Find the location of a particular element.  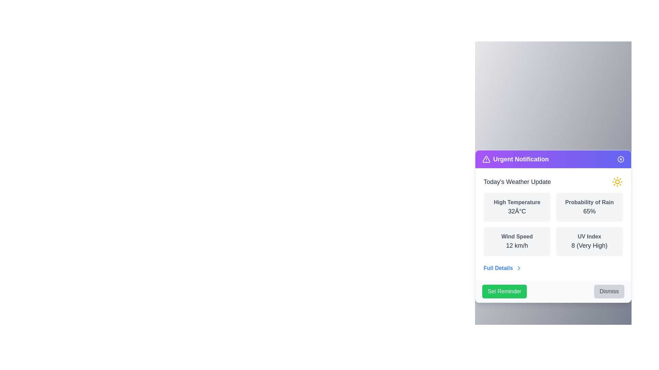

the 'Set Reminder' button, which is a rectangular button with a green background and white text, located at the bottom of the notification panel to the left of the 'Dismiss' button is located at coordinates (504, 292).